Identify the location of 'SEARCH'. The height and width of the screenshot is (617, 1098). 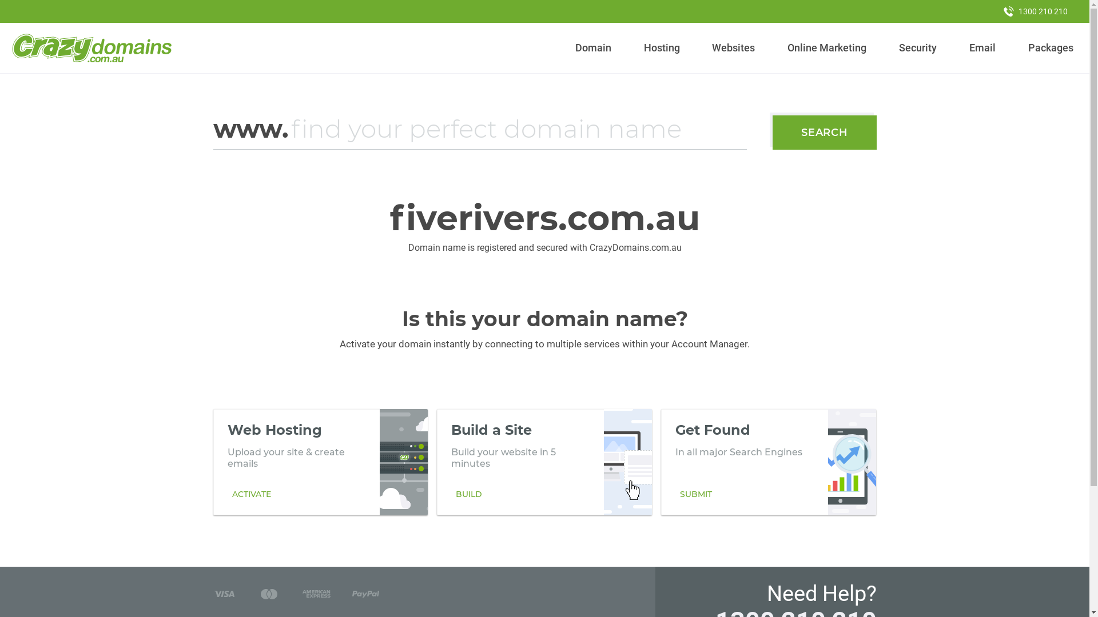
(772, 131).